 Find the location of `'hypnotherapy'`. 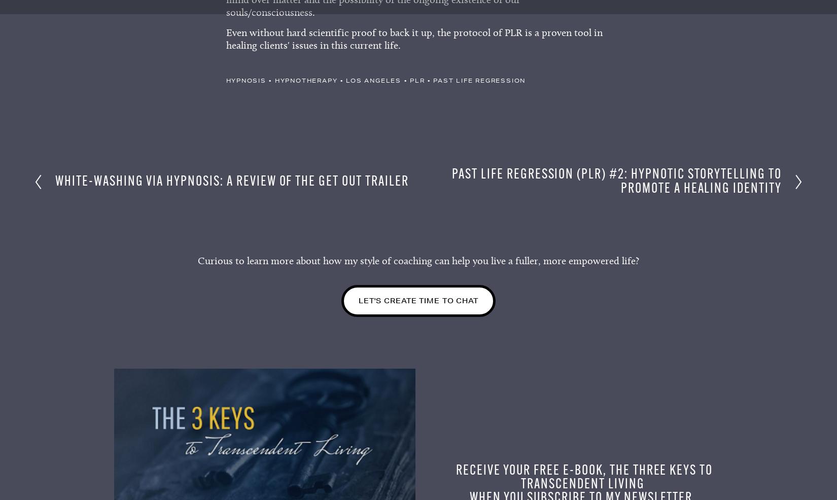

'hypnotherapy' is located at coordinates (305, 83).